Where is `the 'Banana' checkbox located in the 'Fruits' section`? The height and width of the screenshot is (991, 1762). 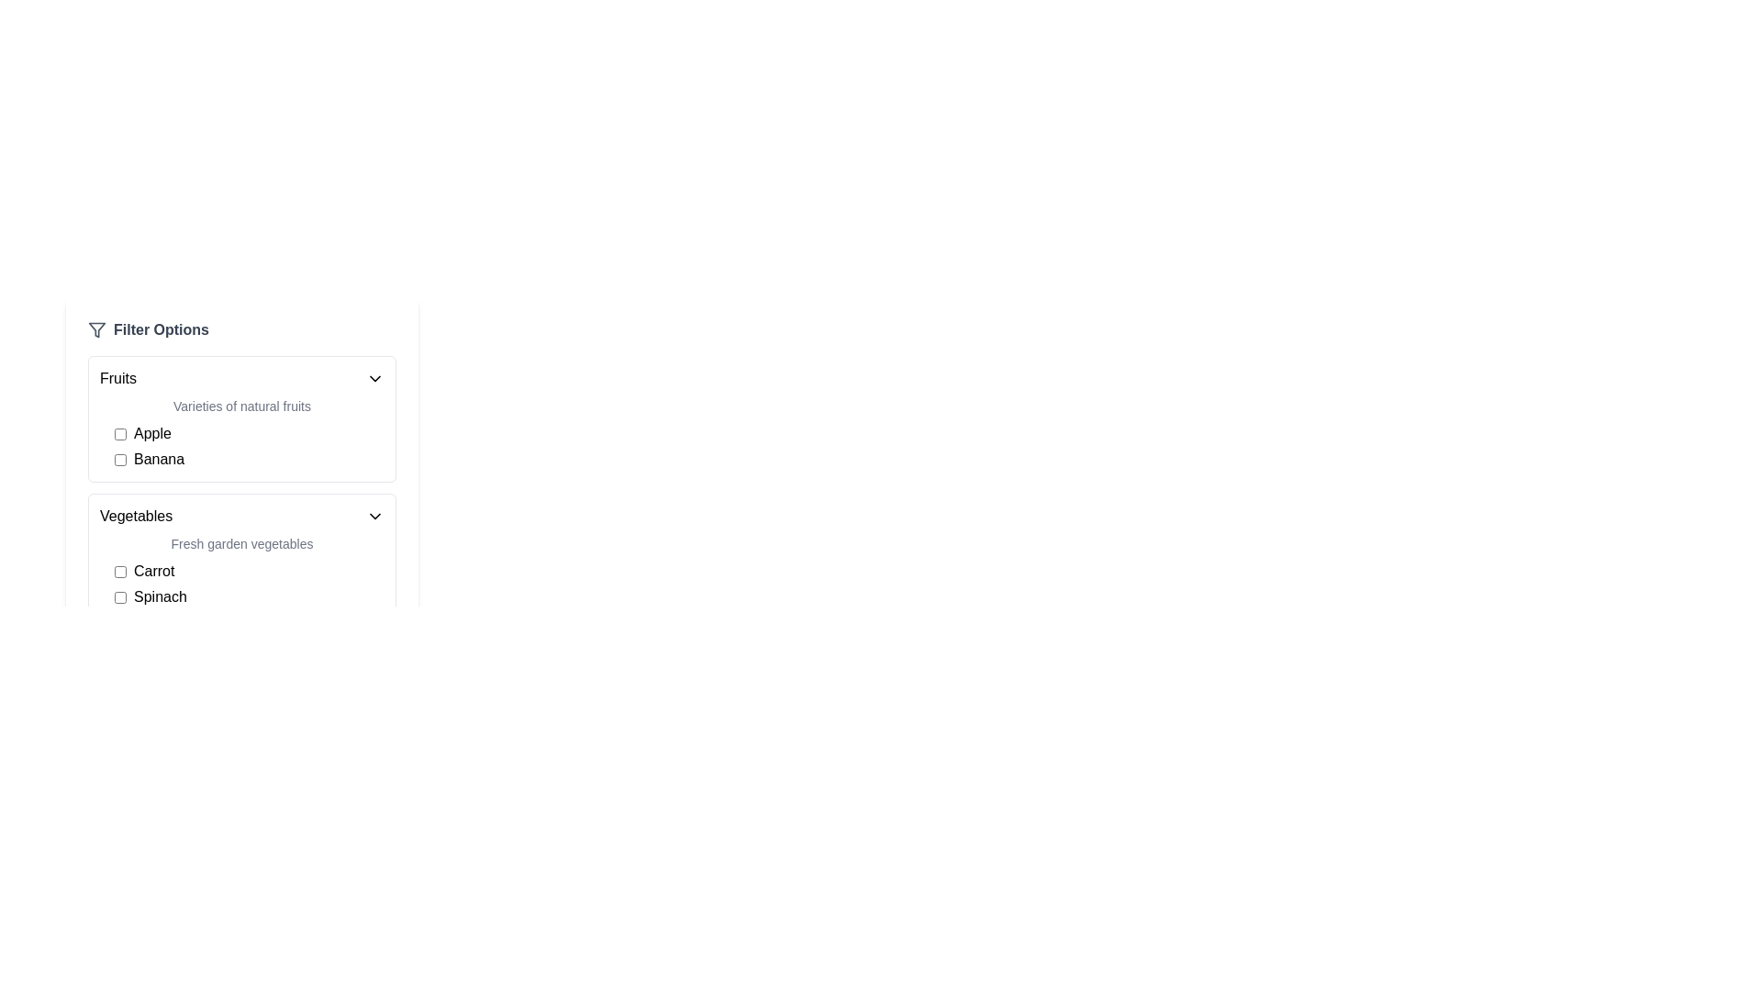
the 'Banana' checkbox located in the 'Fruits' section is located at coordinates (249, 459).